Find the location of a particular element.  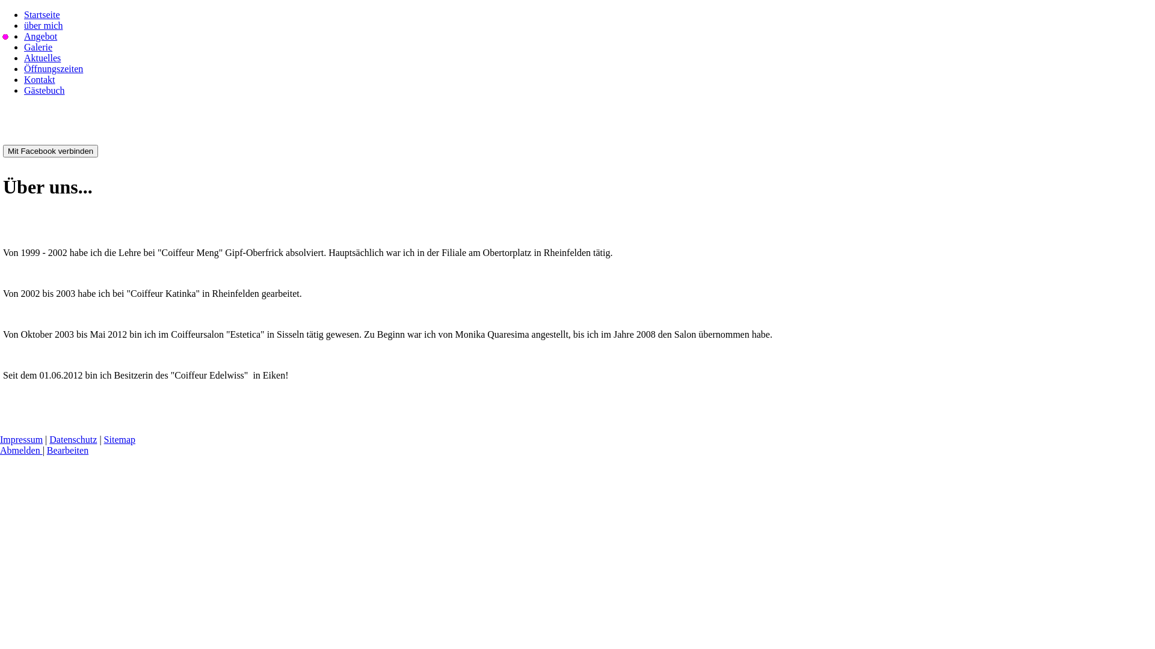

'Datenschutz' is located at coordinates (48, 439).